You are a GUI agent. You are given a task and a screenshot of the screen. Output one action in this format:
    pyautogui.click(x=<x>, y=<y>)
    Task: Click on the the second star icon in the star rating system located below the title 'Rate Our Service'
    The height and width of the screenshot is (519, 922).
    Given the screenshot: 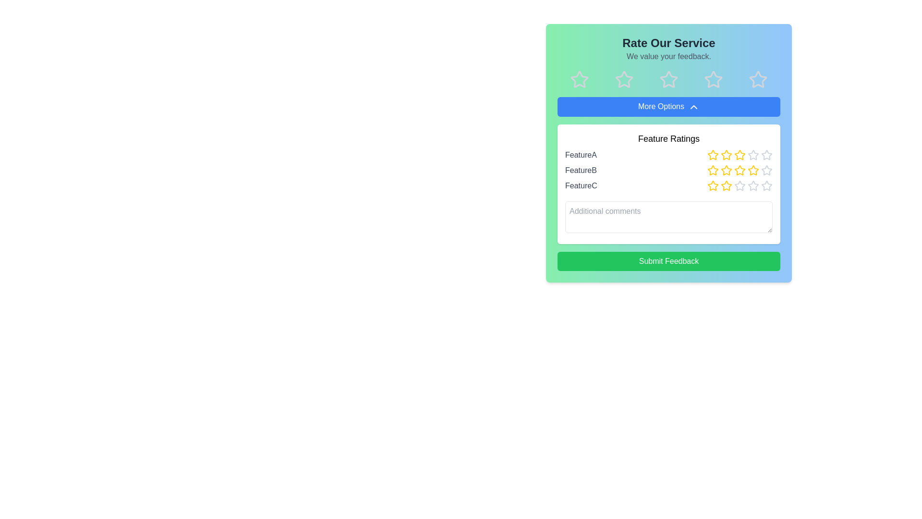 What is the action you would take?
    pyautogui.click(x=624, y=79)
    